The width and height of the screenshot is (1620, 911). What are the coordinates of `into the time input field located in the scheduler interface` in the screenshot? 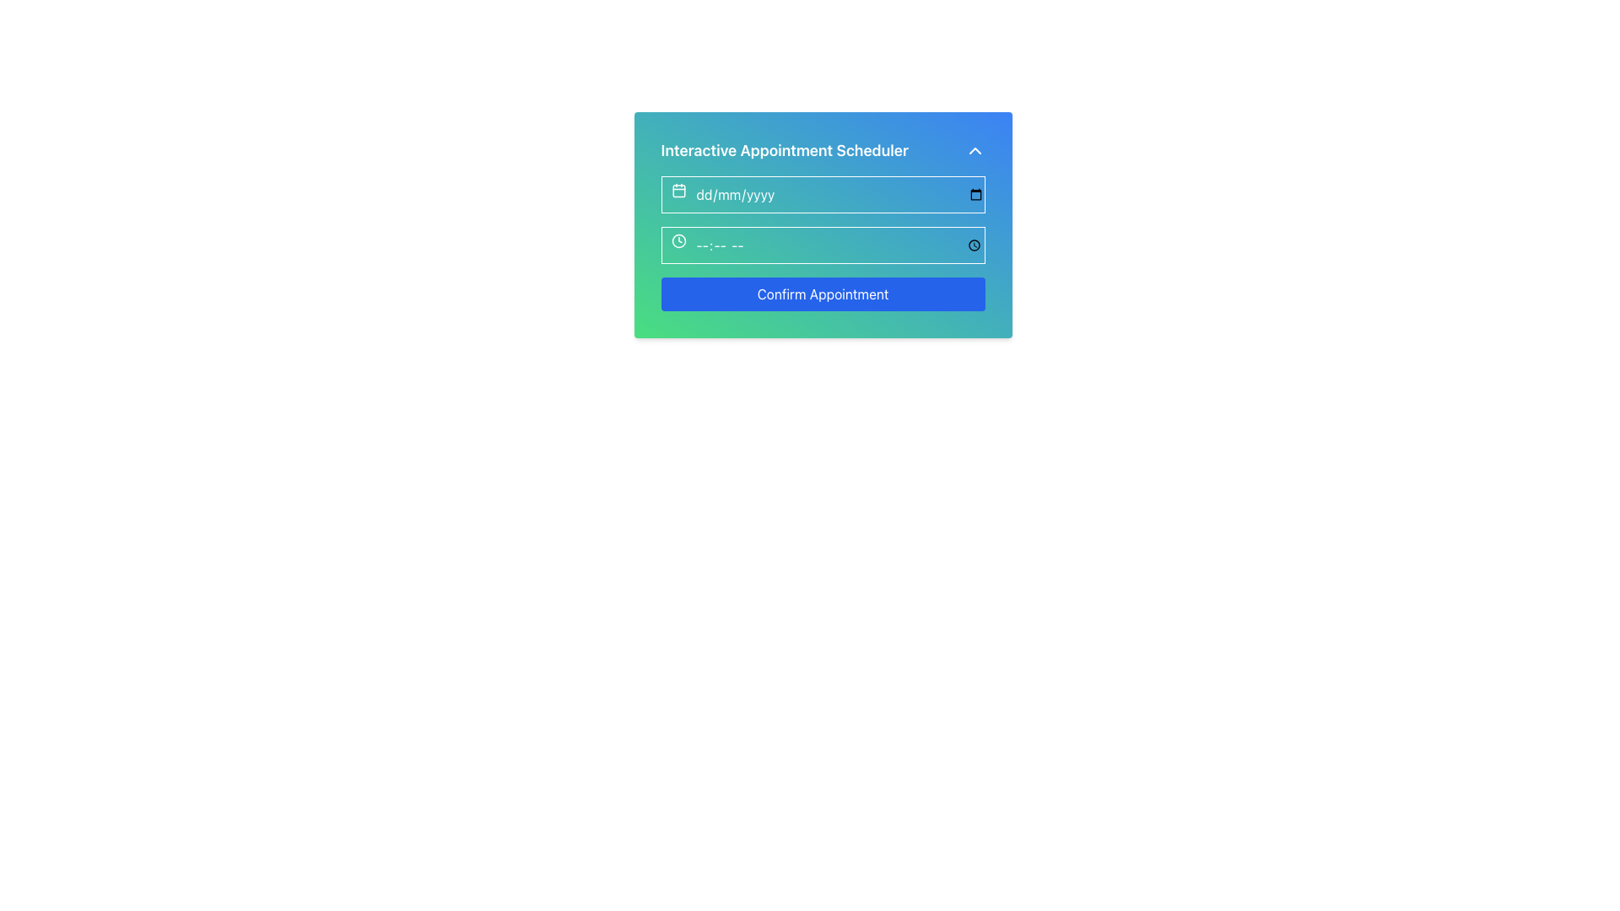 It's located at (823, 245).